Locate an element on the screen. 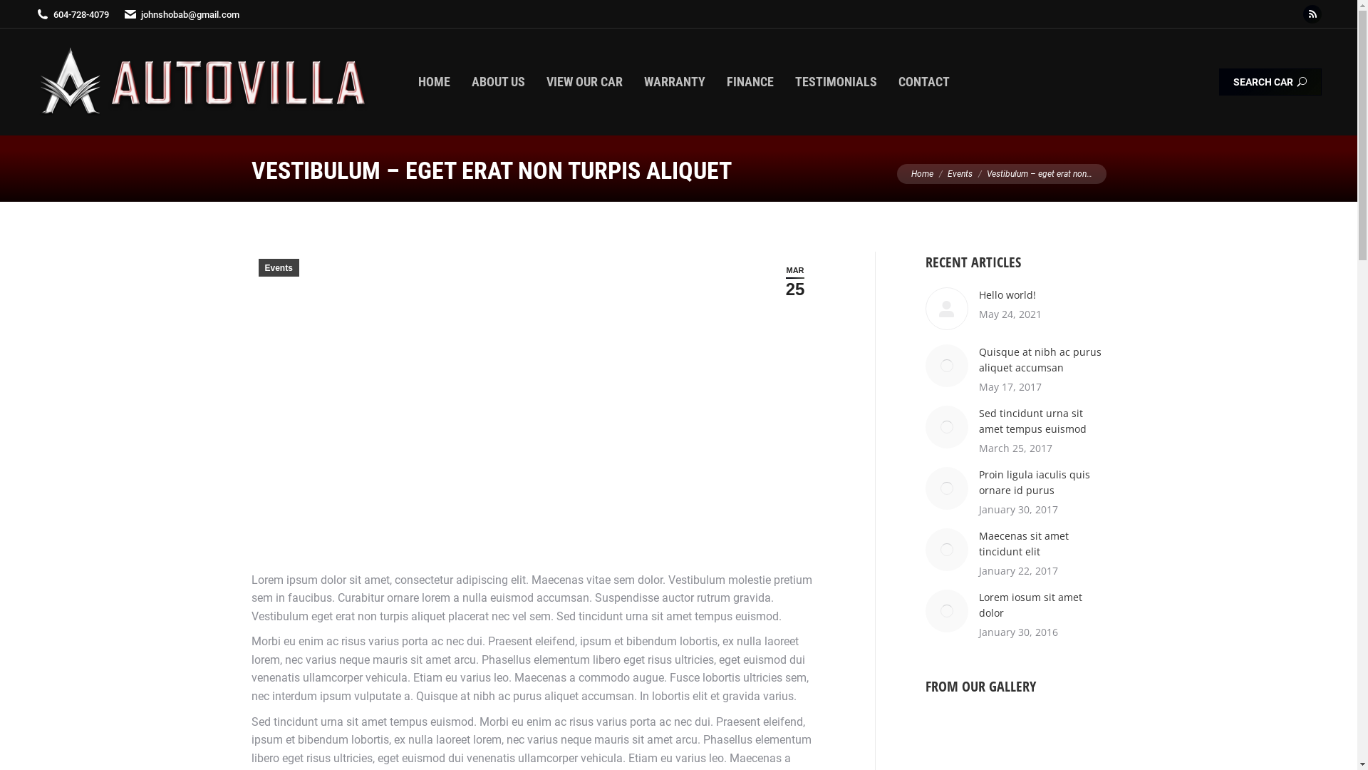  'TESTIMONIALS' is located at coordinates (836, 82).